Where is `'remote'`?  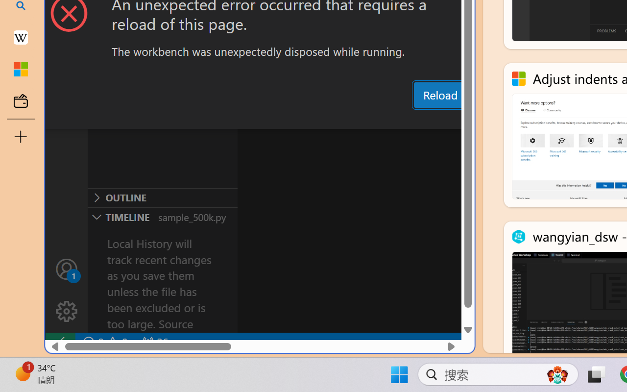
'remote' is located at coordinates (59, 342).